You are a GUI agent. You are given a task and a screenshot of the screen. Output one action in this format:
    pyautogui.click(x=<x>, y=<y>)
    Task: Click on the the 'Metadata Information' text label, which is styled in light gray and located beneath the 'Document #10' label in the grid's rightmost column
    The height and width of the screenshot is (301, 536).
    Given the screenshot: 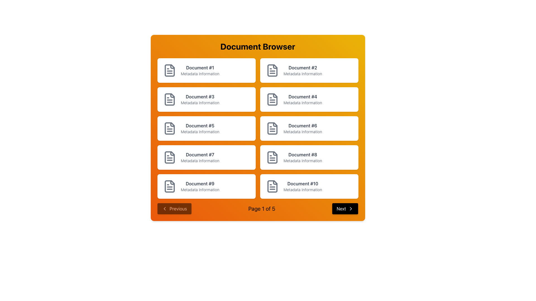 What is the action you would take?
    pyautogui.click(x=302, y=190)
    